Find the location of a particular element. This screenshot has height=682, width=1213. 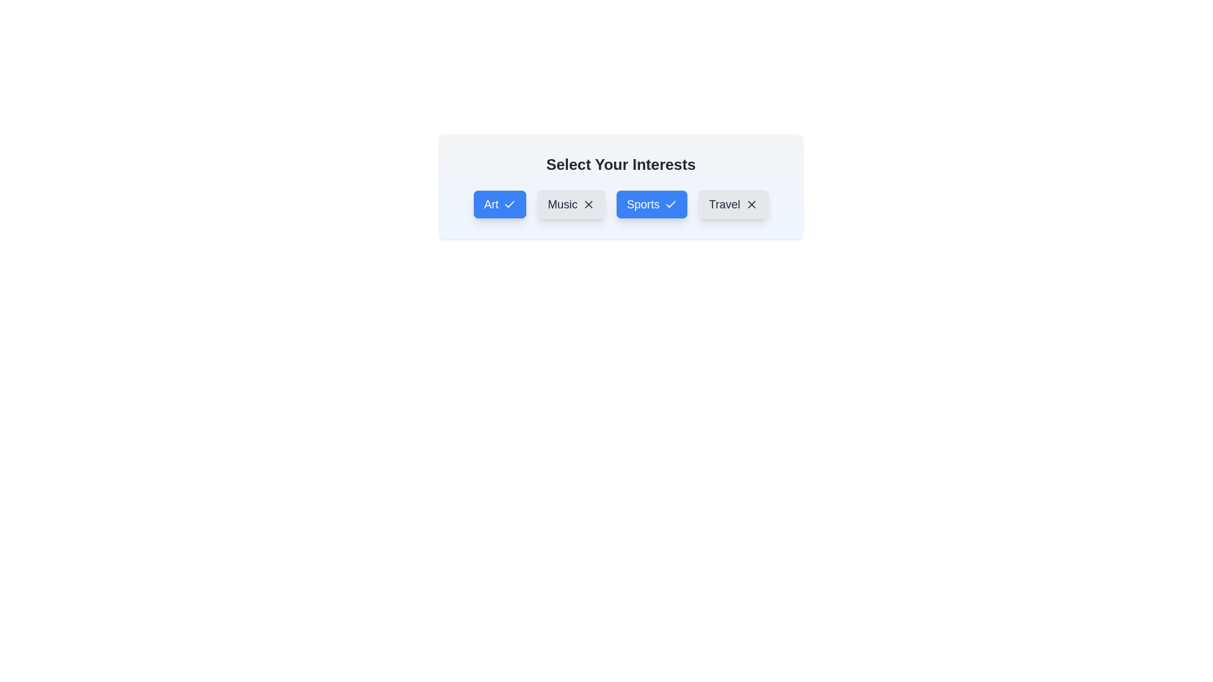

the interest item Music is located at coordinates (570, 204).